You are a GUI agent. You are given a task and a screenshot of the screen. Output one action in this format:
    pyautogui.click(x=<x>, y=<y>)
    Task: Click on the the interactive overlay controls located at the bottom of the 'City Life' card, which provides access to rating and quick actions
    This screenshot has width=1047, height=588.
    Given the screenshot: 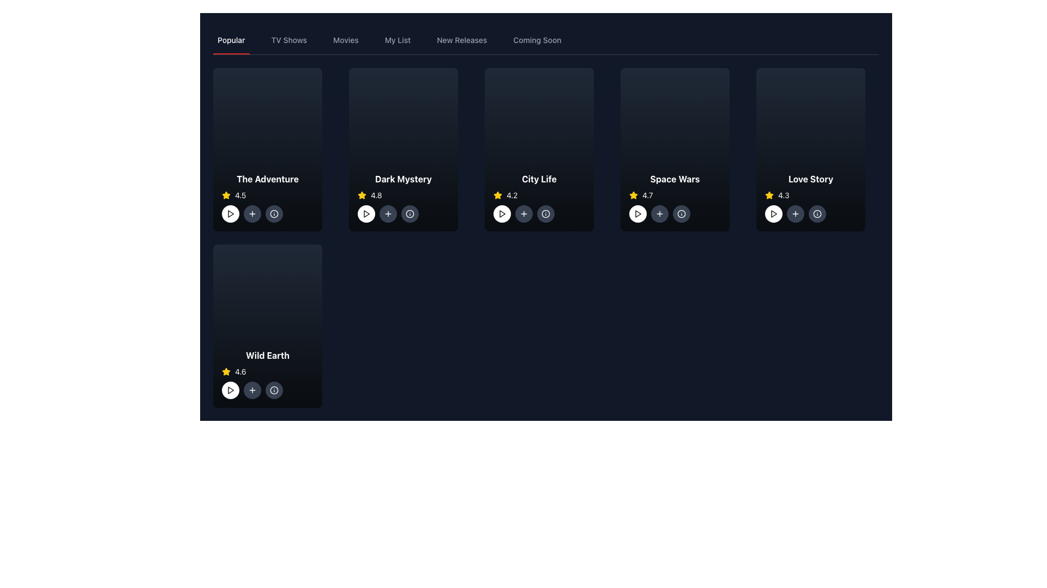 What is the action you would take?
    pyautogui.click(x=539, y=197)
    